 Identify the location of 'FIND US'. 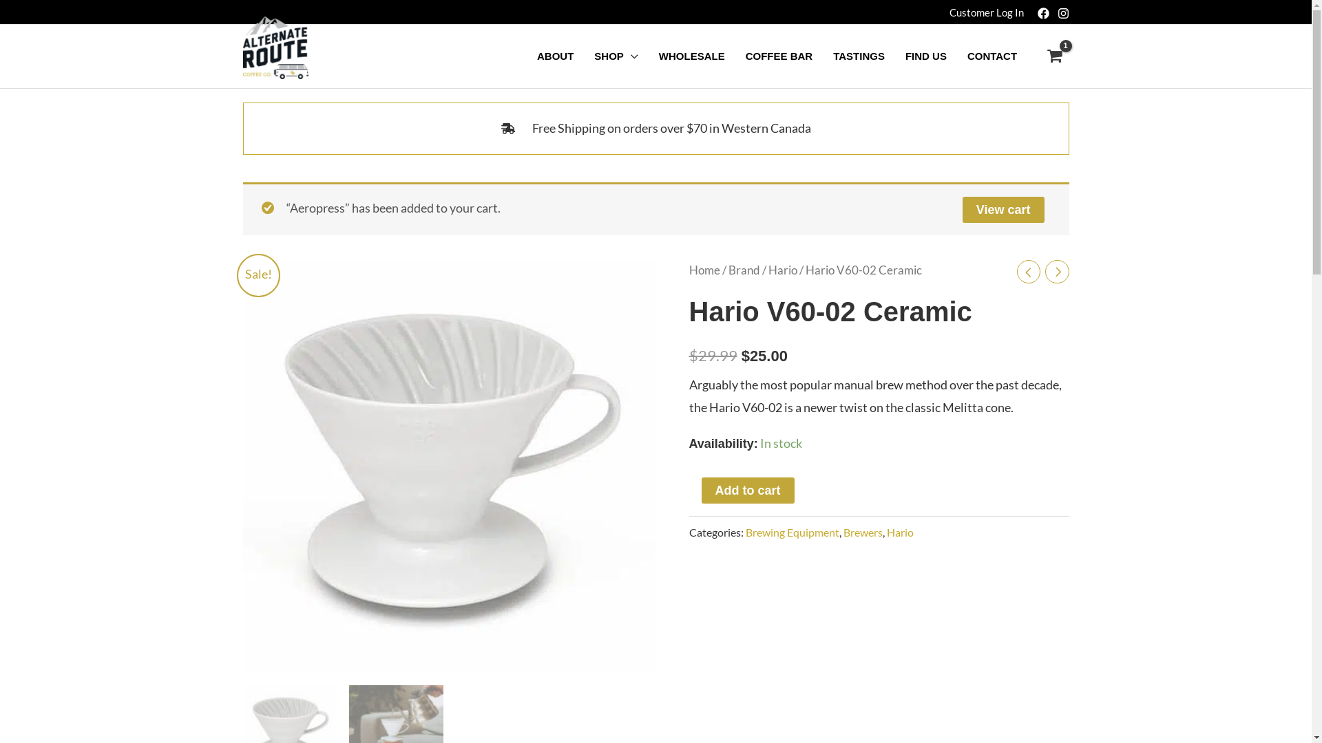
(925, 55).